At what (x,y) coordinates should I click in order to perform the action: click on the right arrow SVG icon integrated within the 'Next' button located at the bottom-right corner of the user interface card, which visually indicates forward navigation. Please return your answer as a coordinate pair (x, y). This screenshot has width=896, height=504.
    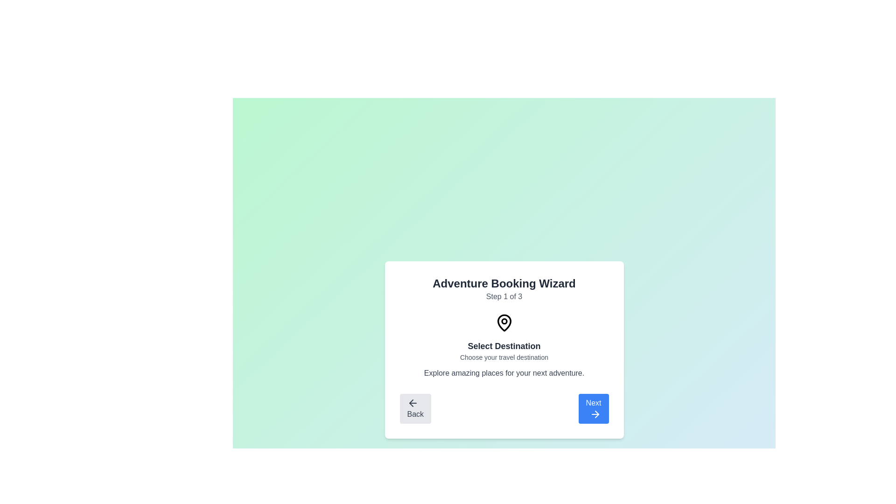
    Looking at the image, I should click on (595, 413).